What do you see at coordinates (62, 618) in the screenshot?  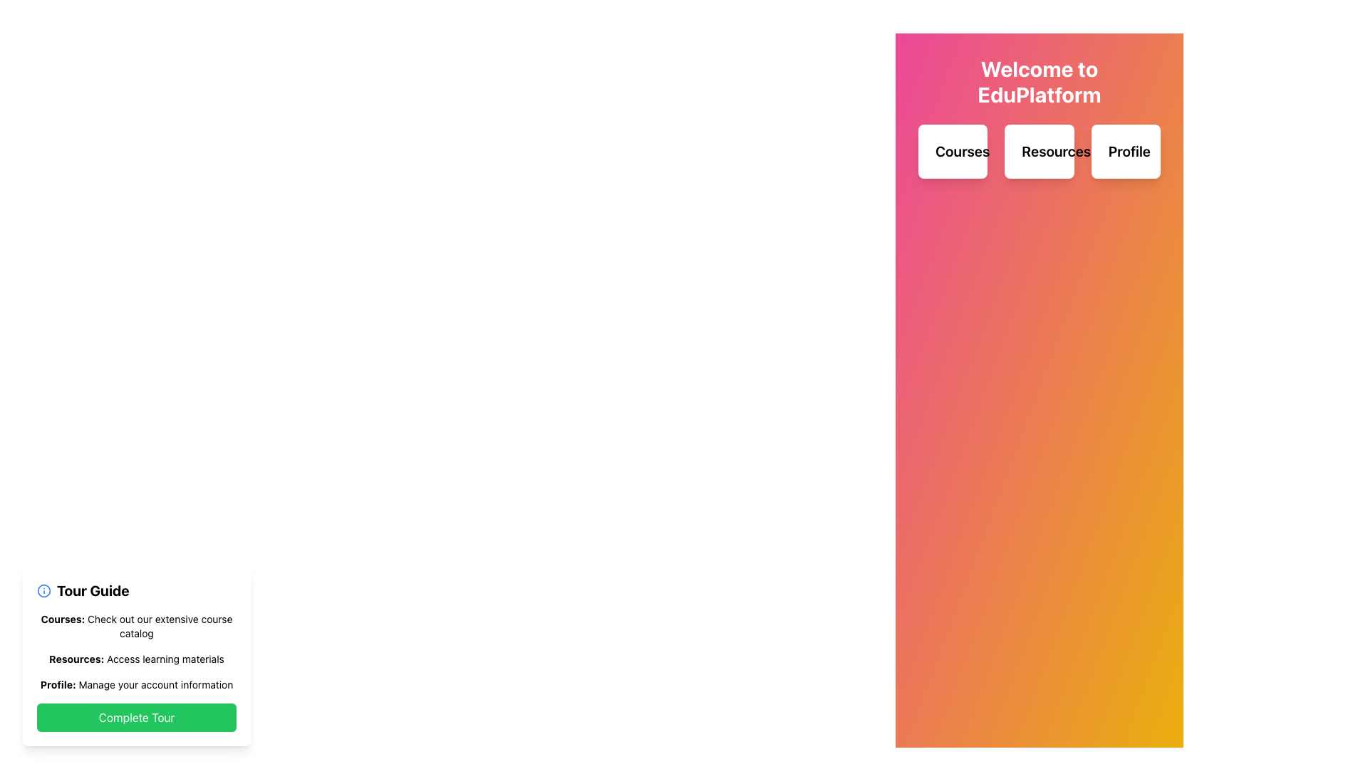 I see `text label at the top of the course description section titled 'Courses: Check out our extensive course catalog.'` at bounding box center [62, 618].